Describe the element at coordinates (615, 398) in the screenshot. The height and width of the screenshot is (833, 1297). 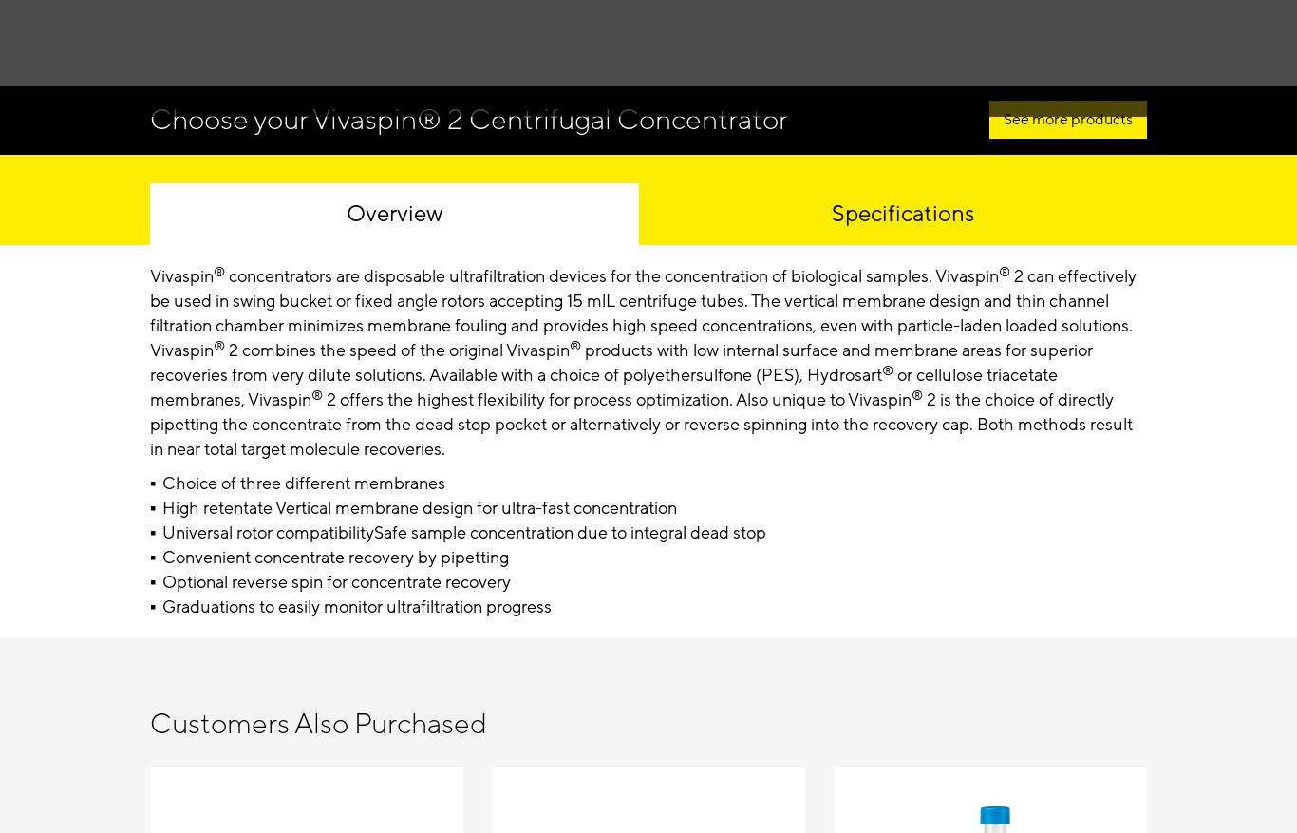
I see `'2 offers the highest flexibility for process optimization. Also unique to Vivaspin'` at that location.